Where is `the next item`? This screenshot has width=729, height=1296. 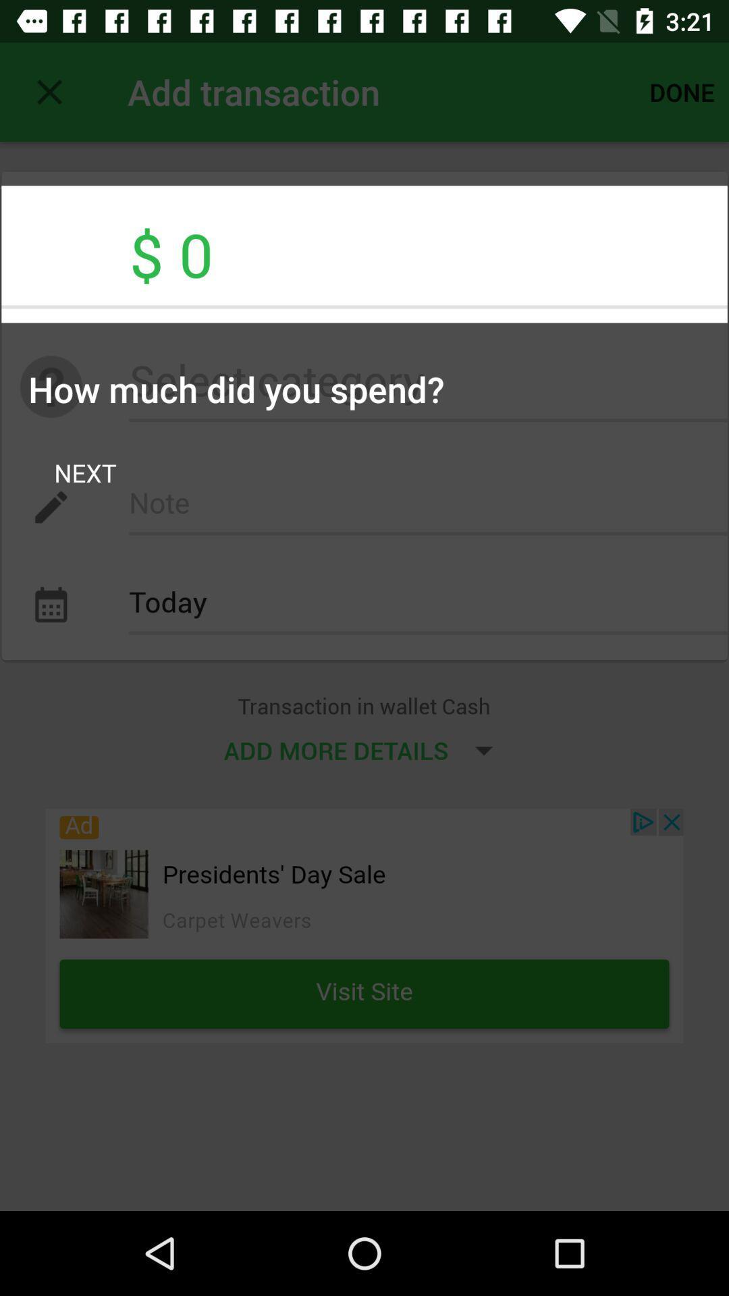 the next item is located at coordinates (85, 473).